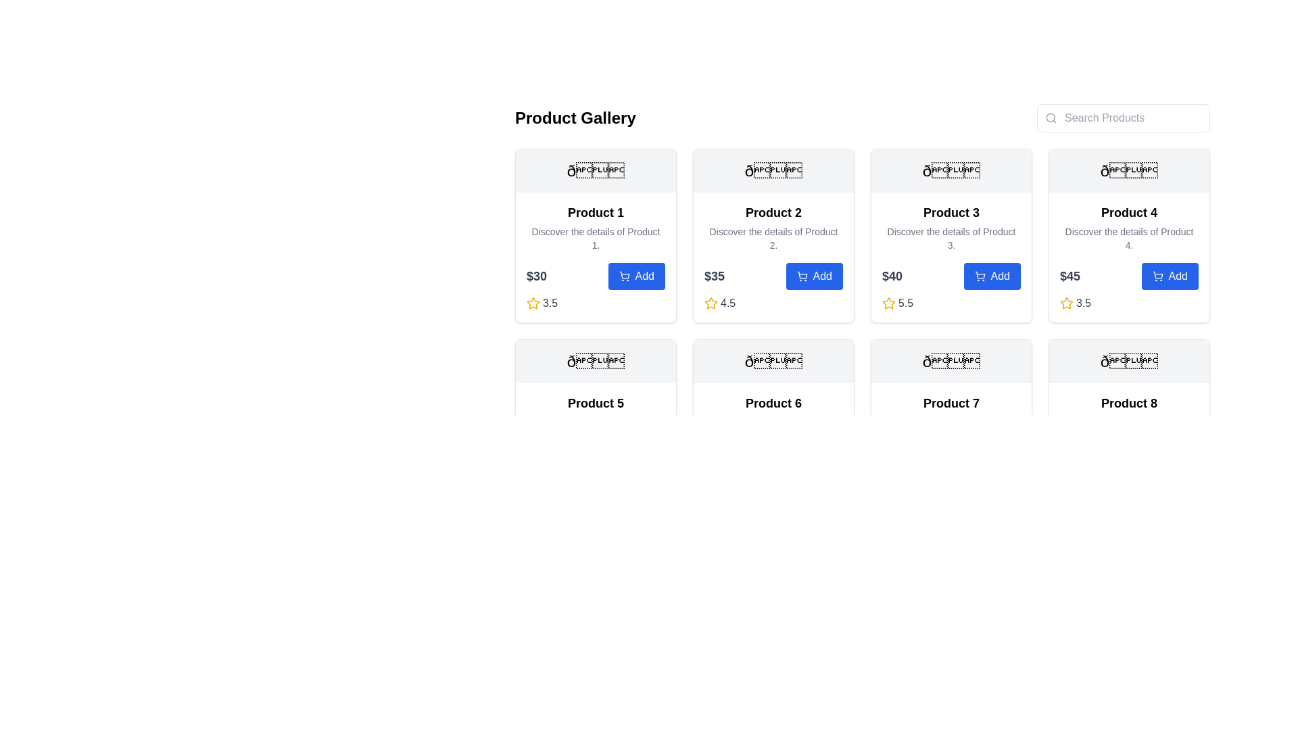 This screenshot has height=730, width=1298. I want to click on the static text element displaying the price '$40', which is styled in bold gray and located to the left of the 'Add' button for 'Product 3', so click(892, 275).